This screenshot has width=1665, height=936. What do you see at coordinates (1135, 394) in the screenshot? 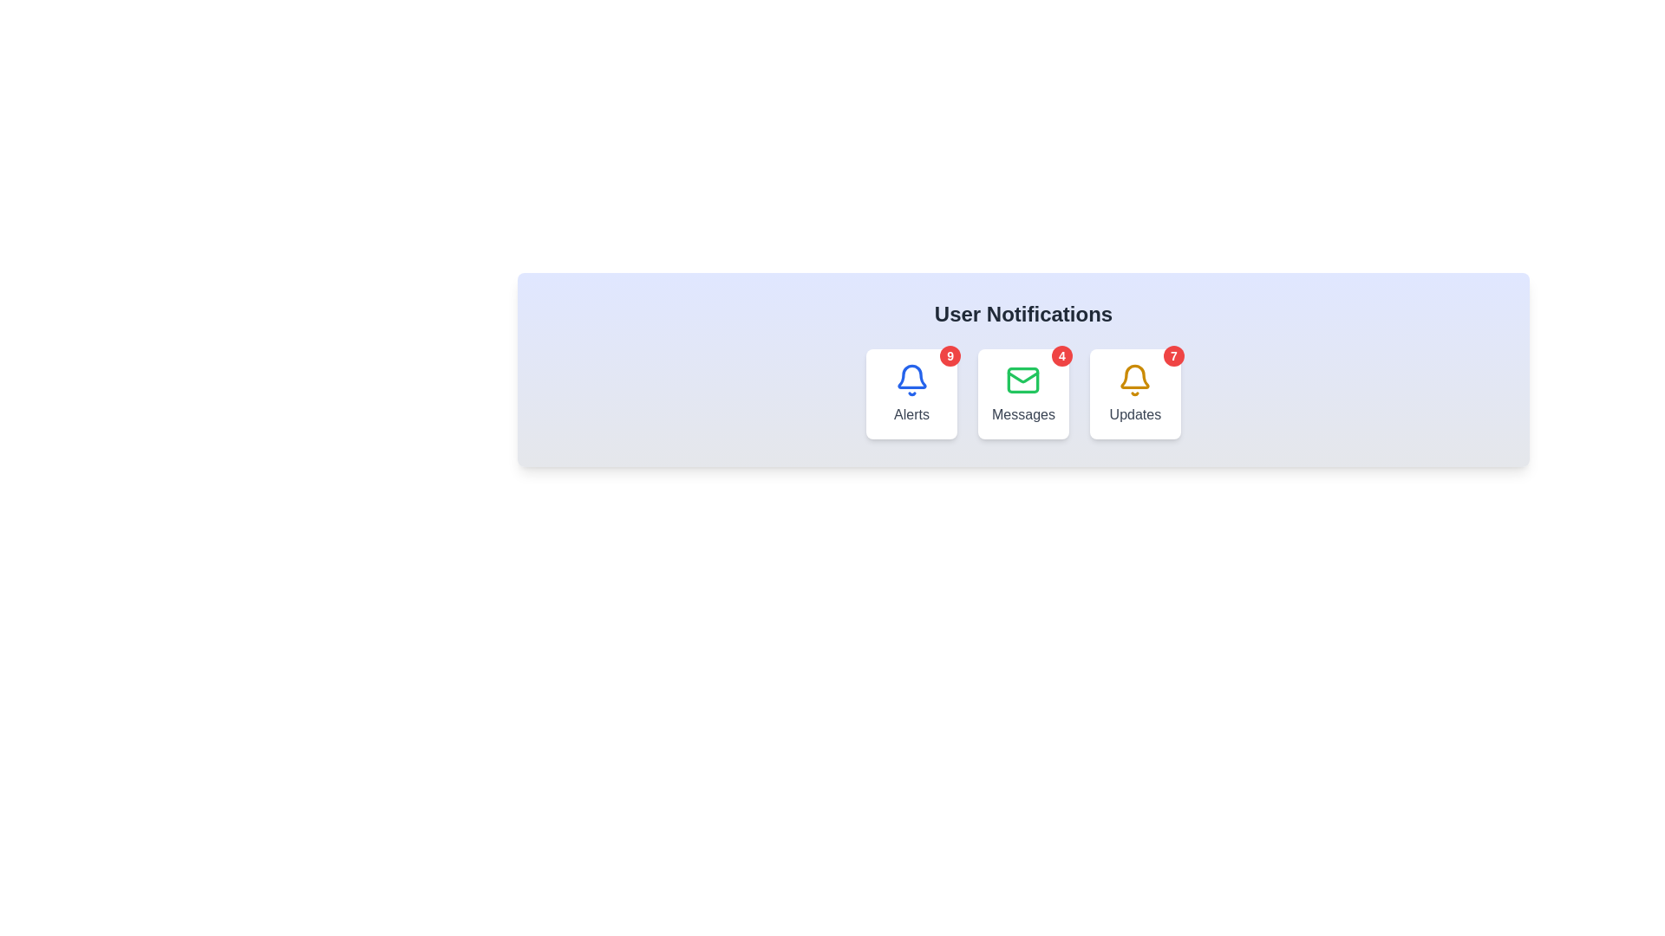
I see `the Notification card with a white background and rounded corners, which contains a bell icon and a red badge with the digit '7'` at bounding box center [1135, 394].